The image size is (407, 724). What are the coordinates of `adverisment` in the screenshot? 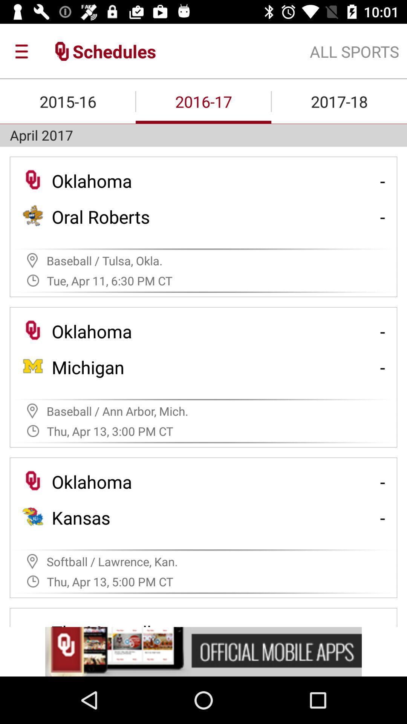 It's located at (203, 651).